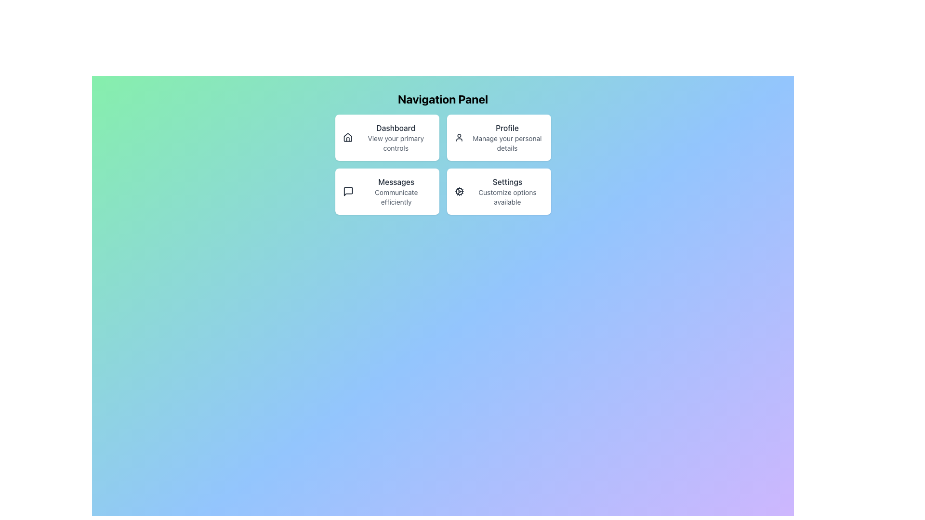  Describe the element at coordinates (506, 143) in the screenshot. I see `the text label that reads 'Manage your personal details', which is located below the 'Profile' title in the top-right card of a grid layout` at that location.